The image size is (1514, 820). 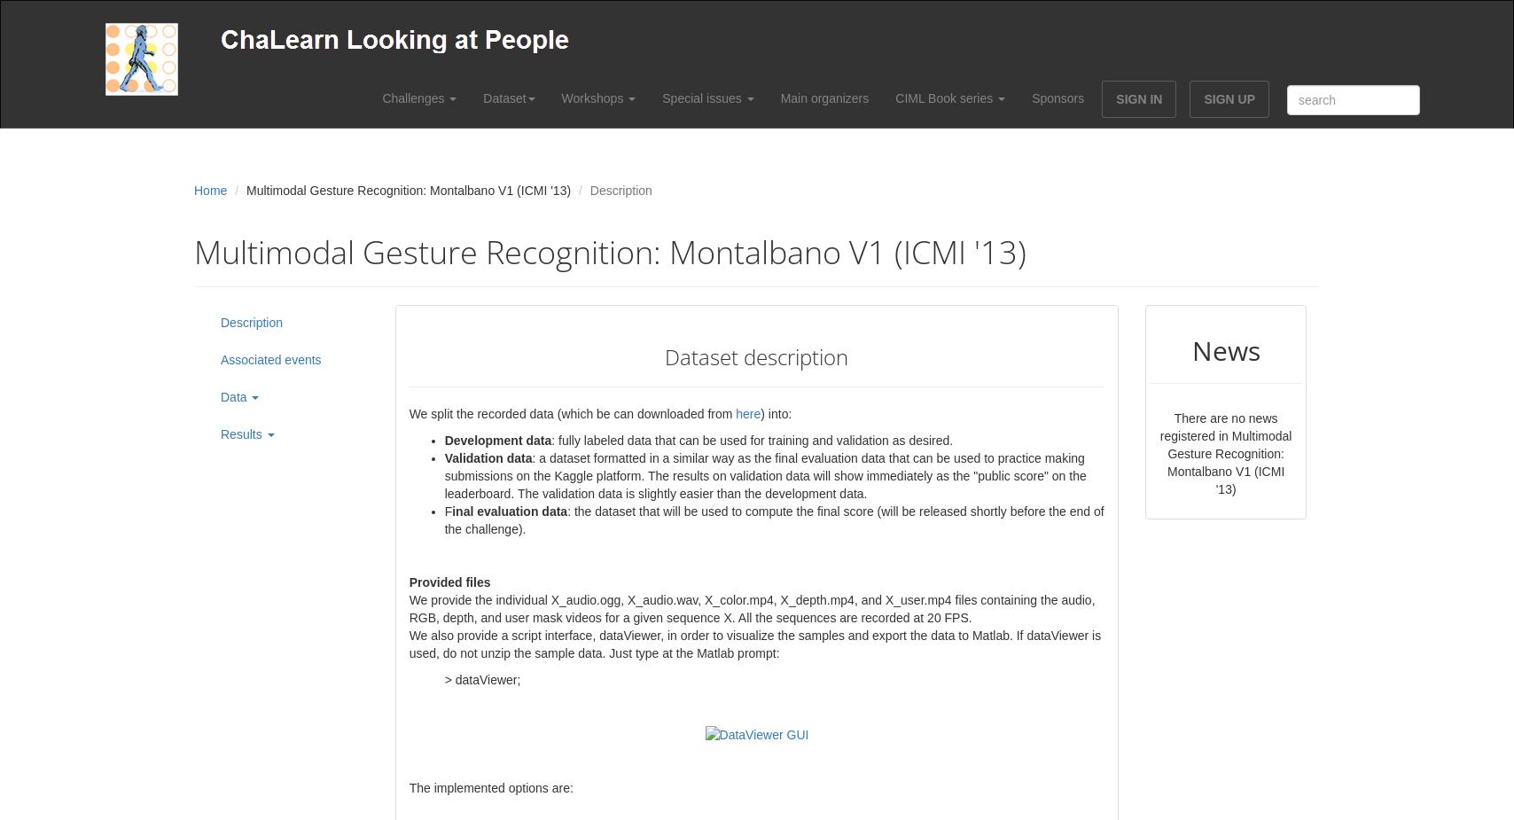 What do you see at coordinates (490, 787) in the screenshot?
I see `'The implemented options are:'` at bounding box center [490, 787].